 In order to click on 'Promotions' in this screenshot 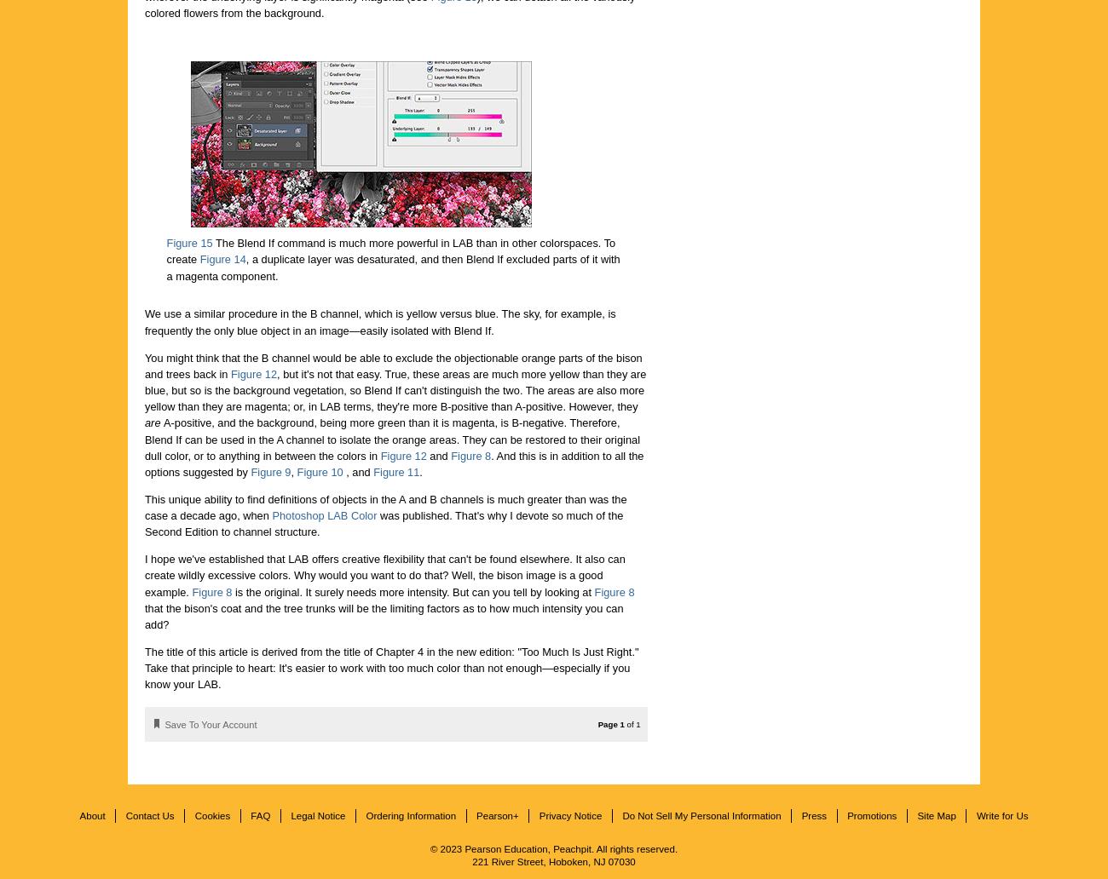, I will do `click(870, 813)`.